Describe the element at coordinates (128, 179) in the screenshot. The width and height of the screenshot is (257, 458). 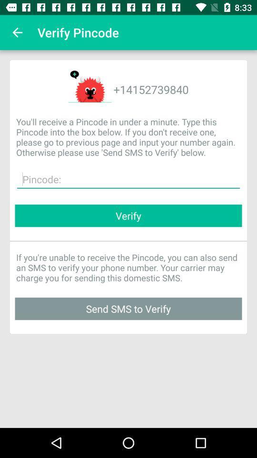
I see `password` at that location.